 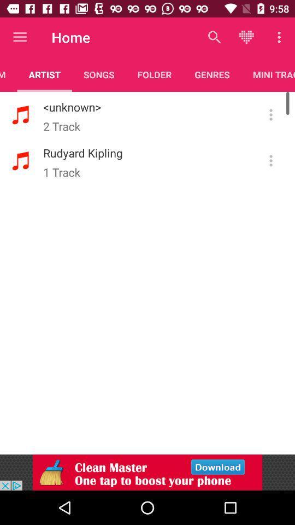 What do you see at coordinates (270, 115) in the screenshot?
I see `more information button` at bounding box center [270, 115].